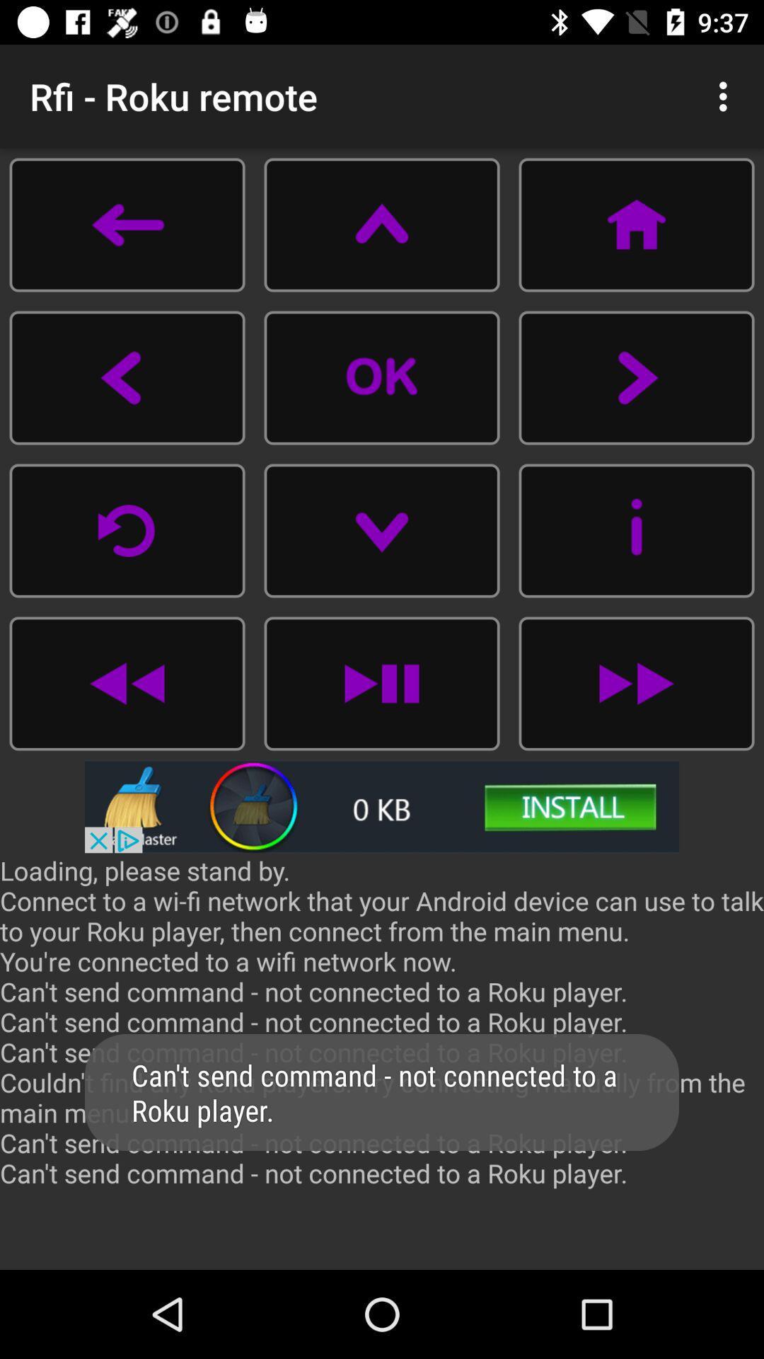 The image size is (764, 1359). What do you see at coordinates (382, 224) in the screenshot?
I see `up` at bounding box center [382, 224].